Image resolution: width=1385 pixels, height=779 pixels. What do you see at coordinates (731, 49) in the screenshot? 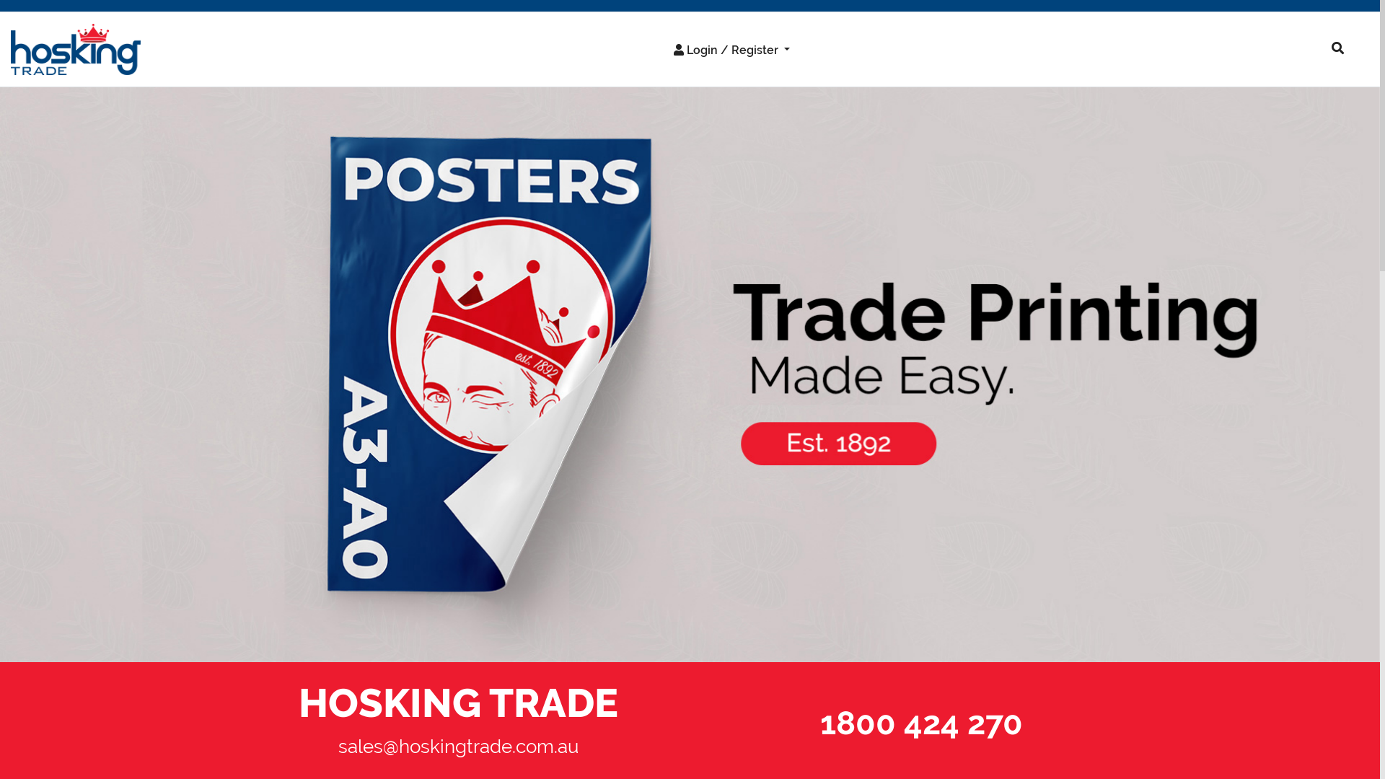
I see `'Login / Register'` at bounding box center [731, 49].